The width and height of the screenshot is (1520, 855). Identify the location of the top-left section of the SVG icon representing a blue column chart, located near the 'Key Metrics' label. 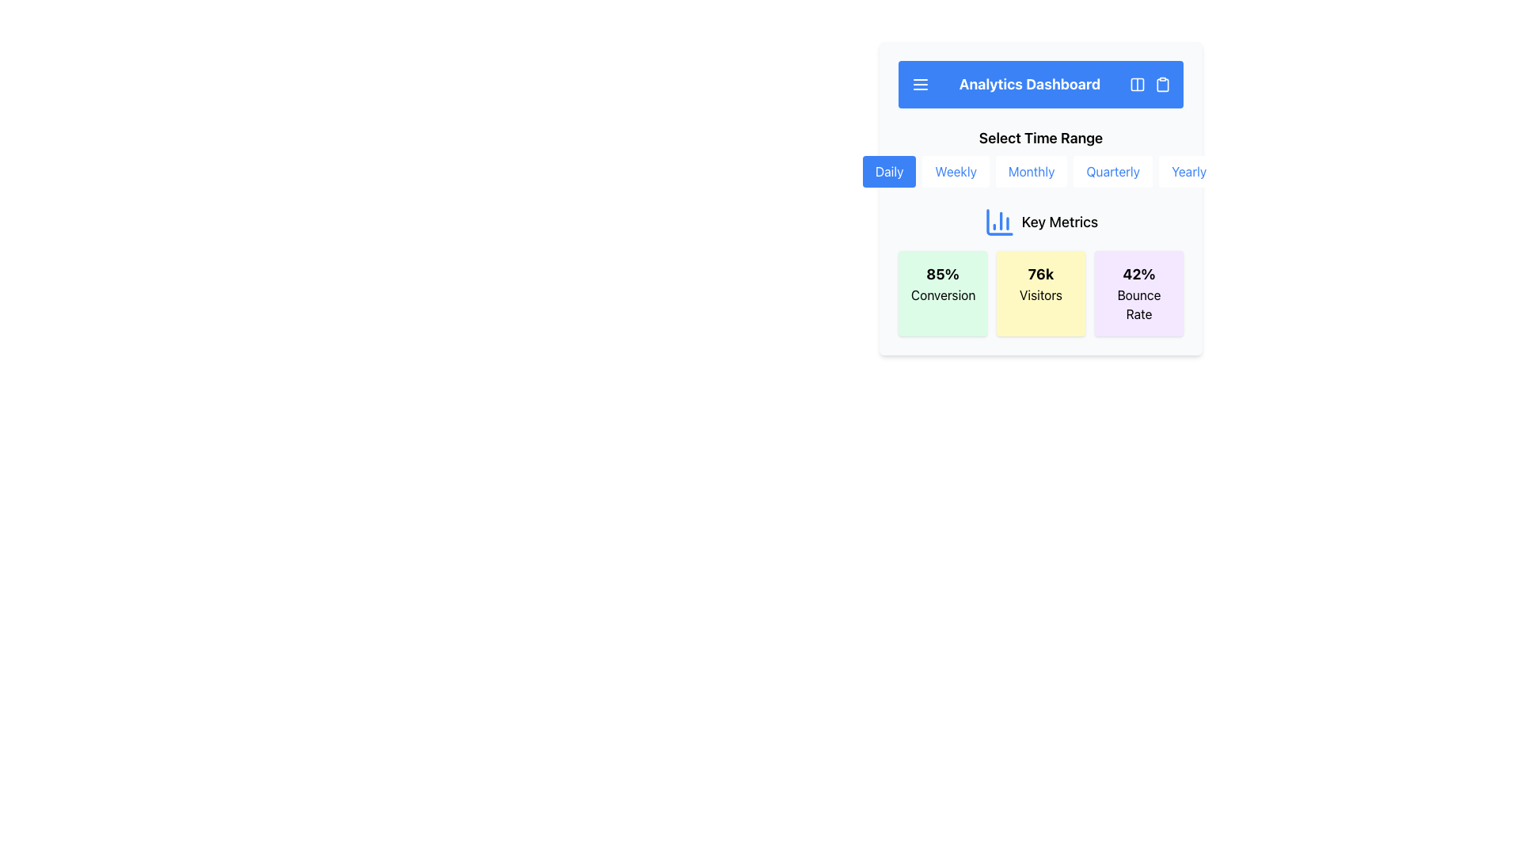
(998, 222).